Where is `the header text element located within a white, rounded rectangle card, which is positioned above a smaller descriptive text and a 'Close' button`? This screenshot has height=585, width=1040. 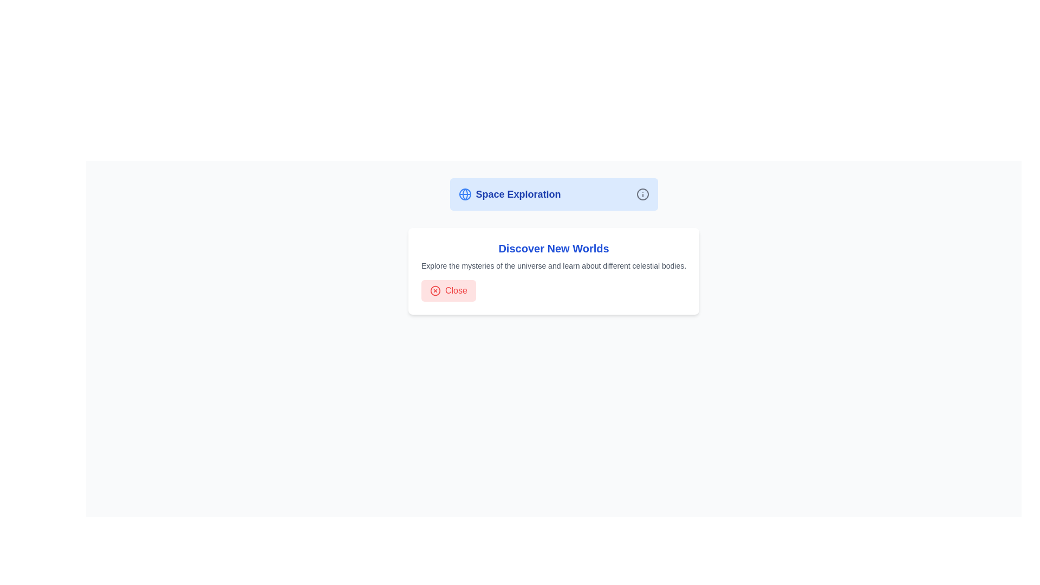 the header text element located within a white, rounded rectangle card, which is positioned above a smaller descriptive text and a 'Close' button is located at coordinates (554, 249).